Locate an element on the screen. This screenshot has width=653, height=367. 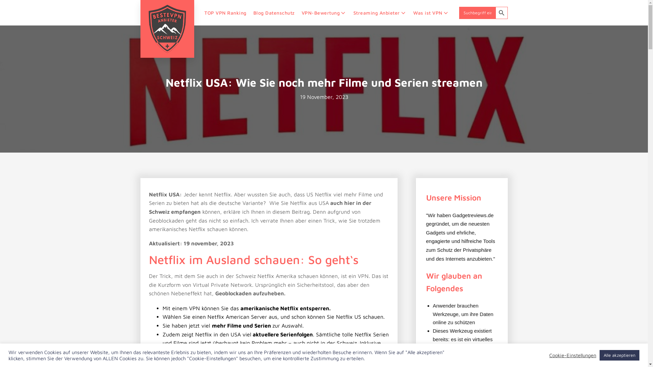
'Blog Datenschutz' is located at coordinates (249, 13).